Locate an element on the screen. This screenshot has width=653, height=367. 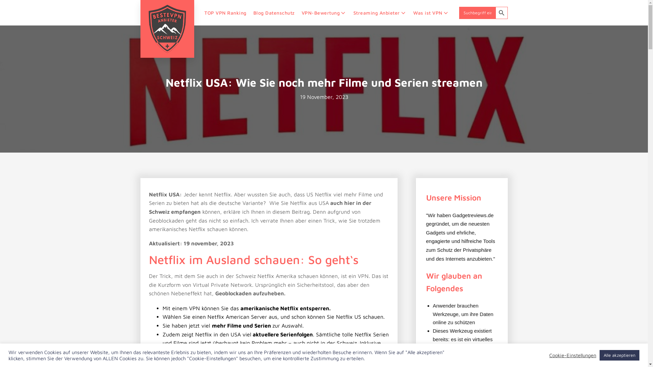
'Blog Datenschutz' is located at coordinates (249, 13).